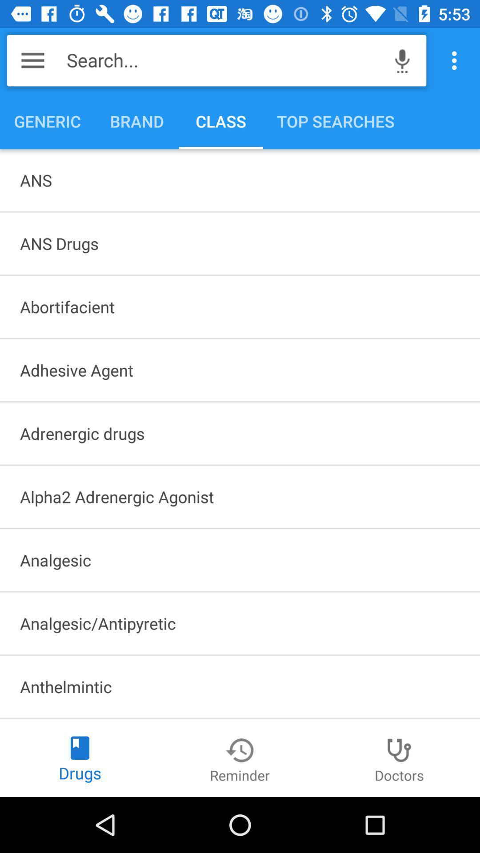  I want to click on the icon above adrenergic drugs item, so click(240, 370).